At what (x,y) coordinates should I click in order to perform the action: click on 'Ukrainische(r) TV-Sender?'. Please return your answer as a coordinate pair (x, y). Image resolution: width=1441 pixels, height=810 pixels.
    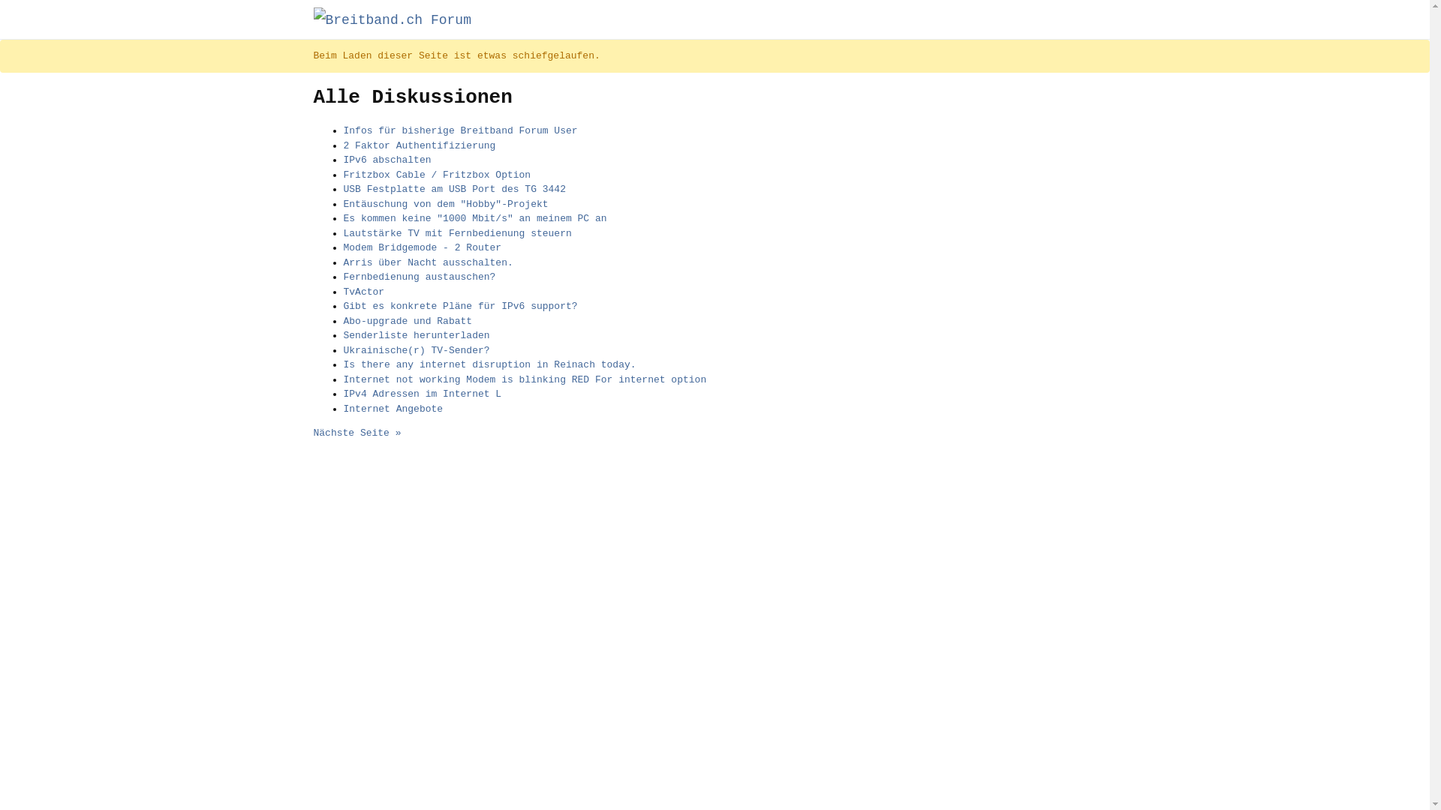
    Looking at the image, I should click on (342, 350).